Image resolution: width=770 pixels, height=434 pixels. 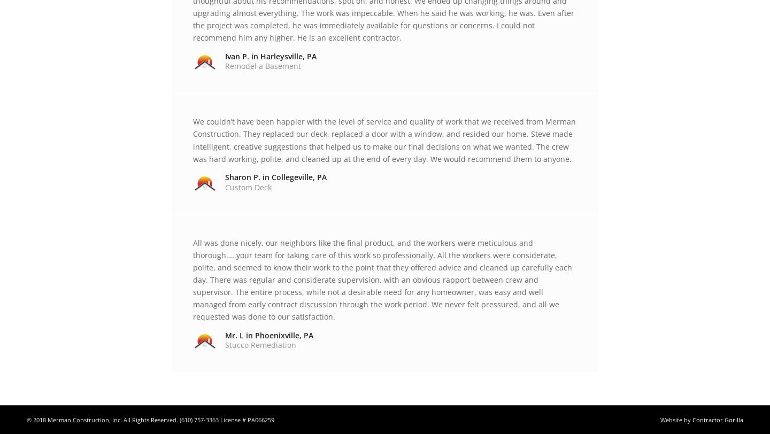 I want to click on 'Website by', so click(x=659, y=419).